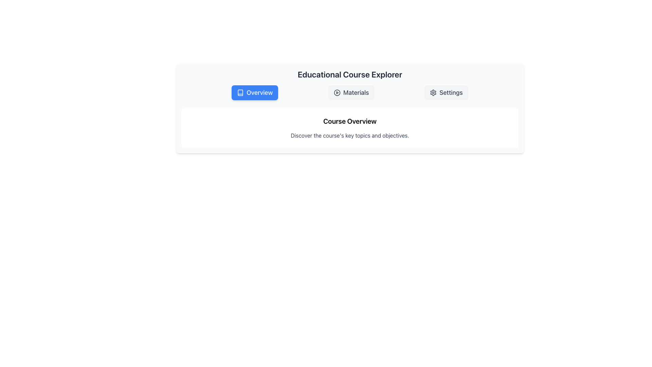 The image size is (652, 367). I want to click on the gear icon located in the top-right portion of the toolbar, so click(433, 93).